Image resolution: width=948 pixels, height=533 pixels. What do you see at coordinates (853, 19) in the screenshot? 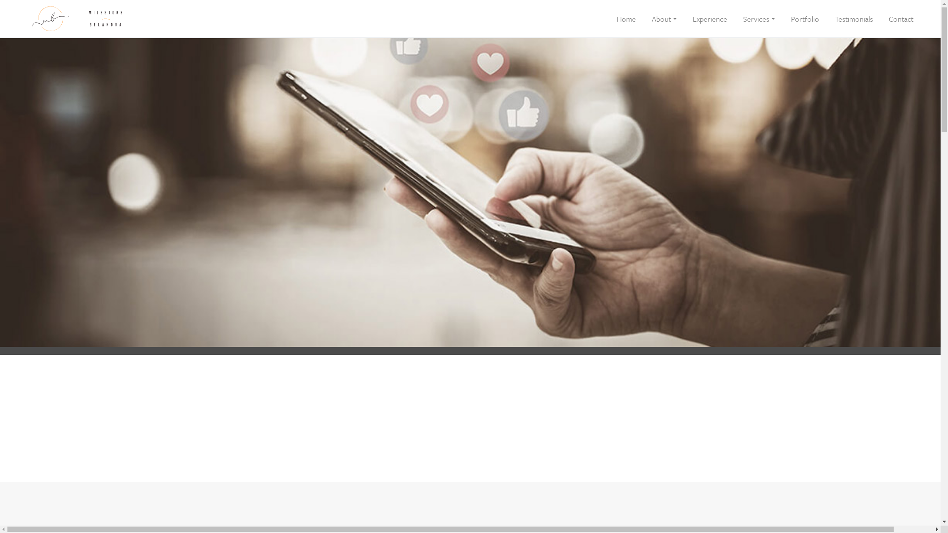
I see `'Testimonials'` at bounding box center [853, 19].